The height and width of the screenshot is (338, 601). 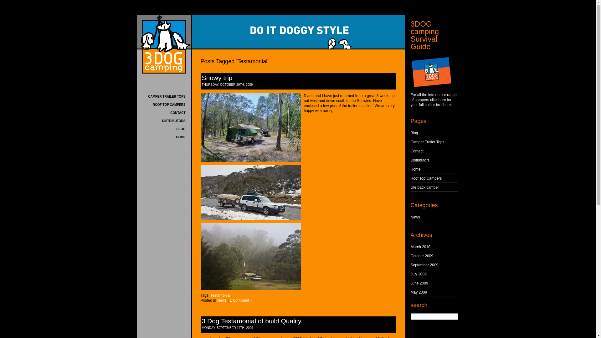 What do you see at coordinates (410, 187) in the screenshot?
I see `'Ute back camper'` at bounding box center [410, 187].